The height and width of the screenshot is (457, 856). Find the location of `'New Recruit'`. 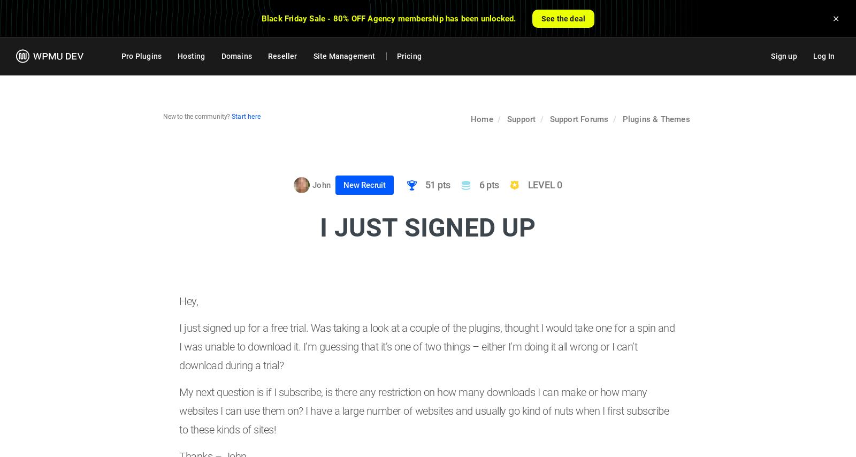

'New Recruit' is located at coordinates (343, 185).